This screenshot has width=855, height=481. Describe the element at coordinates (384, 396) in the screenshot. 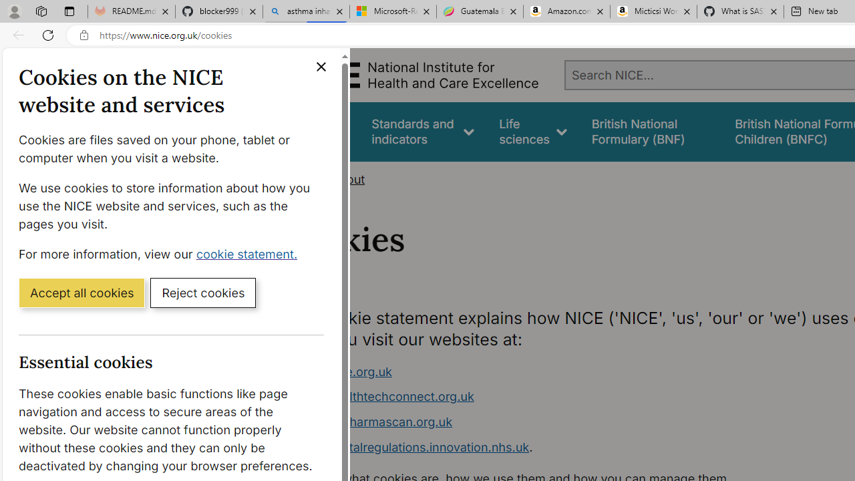

I see `'www.healthtechconnect.org.uk'` at that location.